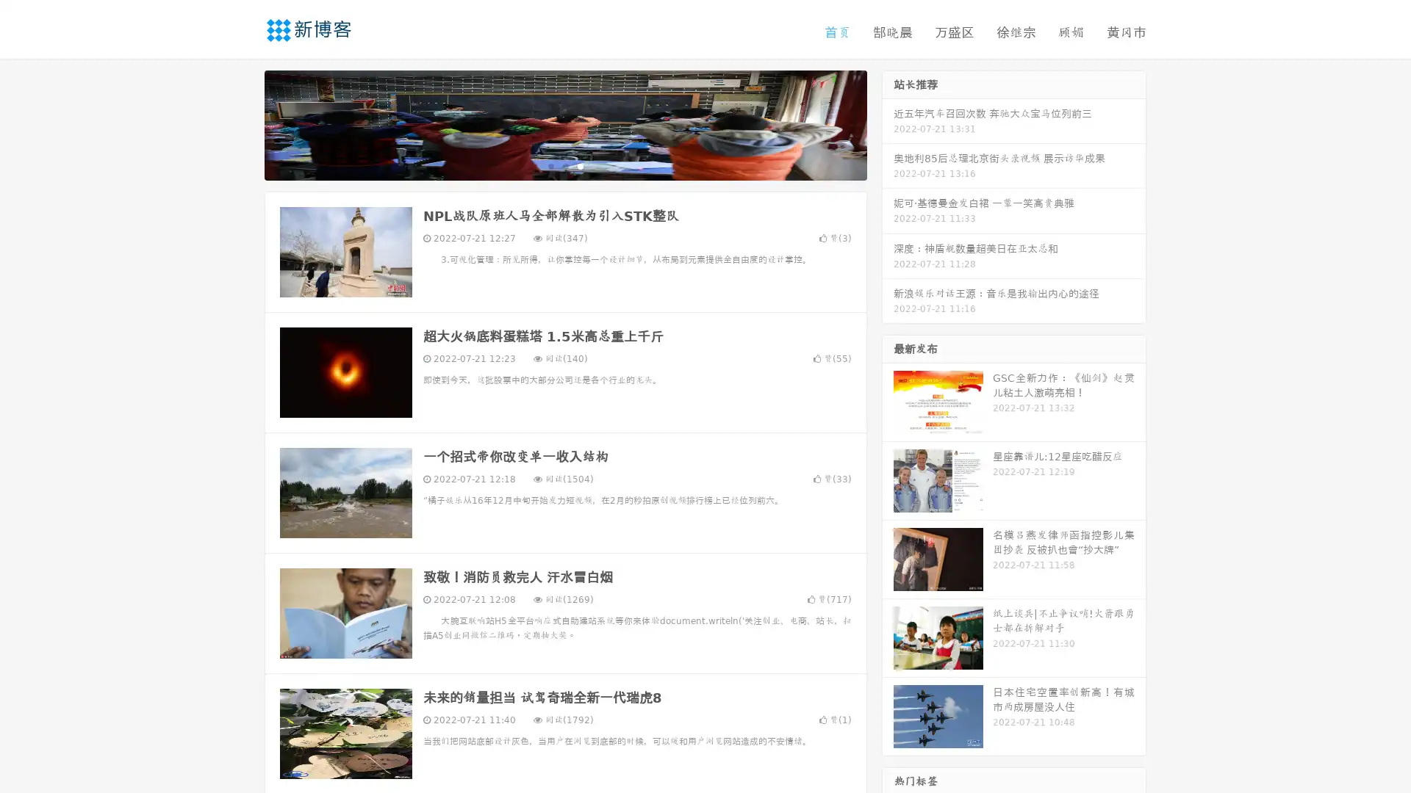 This screenshot has height=793, width=1411. I want to click on Next slide, so click(888, 123).